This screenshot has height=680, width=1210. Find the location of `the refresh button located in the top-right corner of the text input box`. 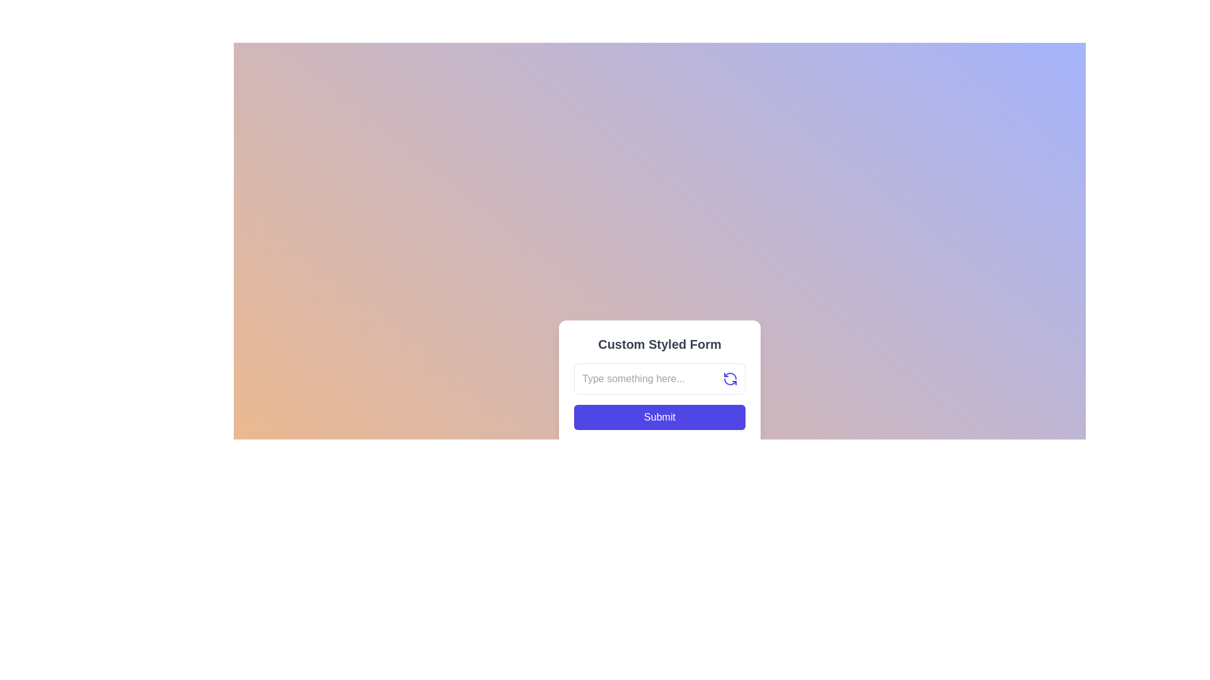

the refresh button located in the top-right corner of the text input box is located at coordinates (730, 378).